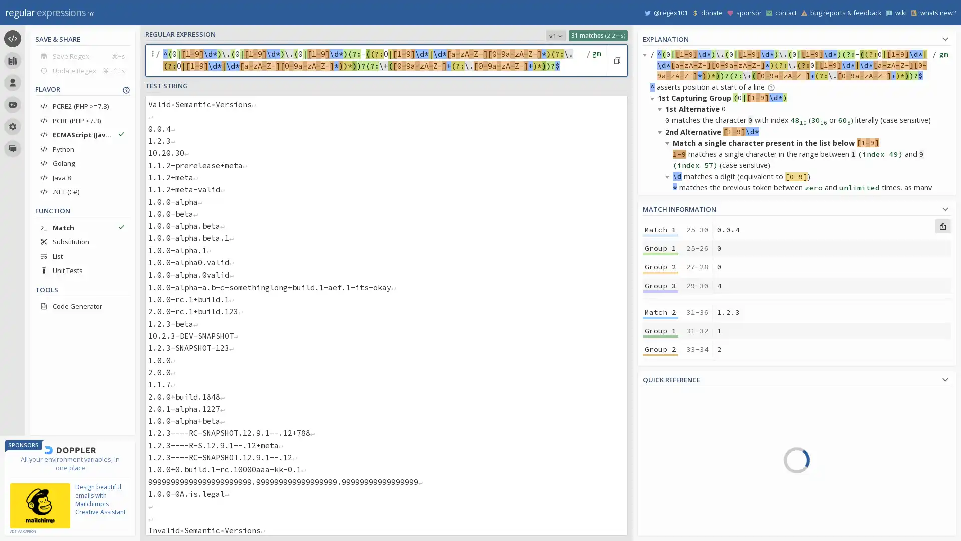  Describe the element at coordinates (82, 255) in the screenshot. I see `List` at that location.